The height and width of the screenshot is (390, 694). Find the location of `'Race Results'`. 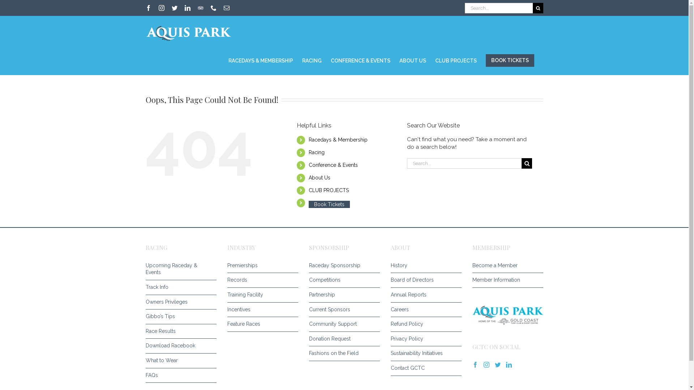

'Race Results' is located at coordinates (145, 331).